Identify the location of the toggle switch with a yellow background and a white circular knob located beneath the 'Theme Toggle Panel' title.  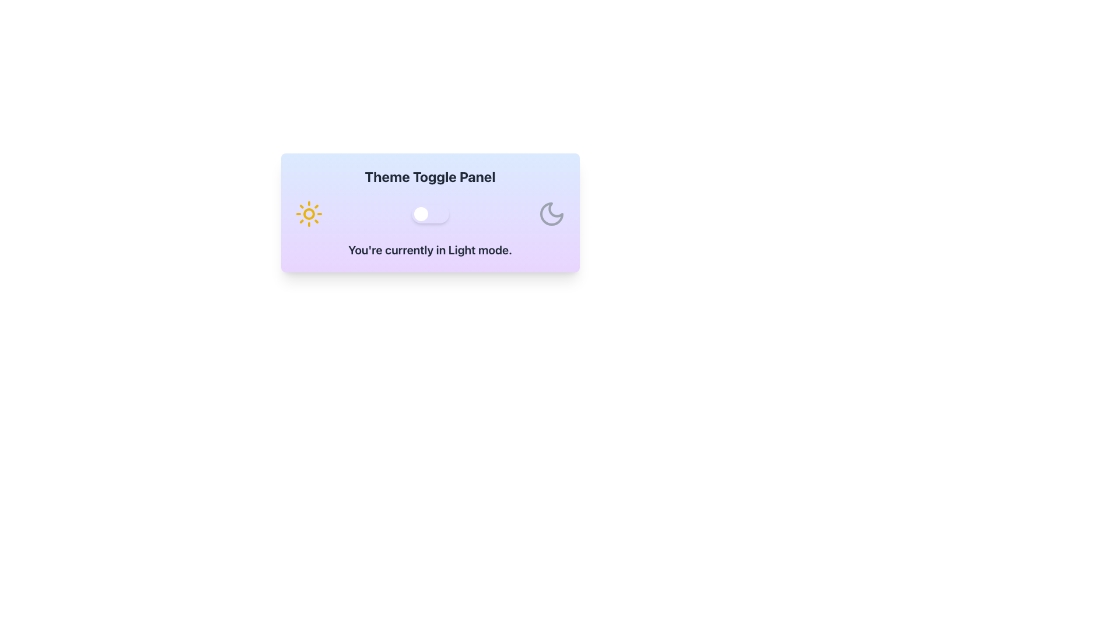
(429, 213).